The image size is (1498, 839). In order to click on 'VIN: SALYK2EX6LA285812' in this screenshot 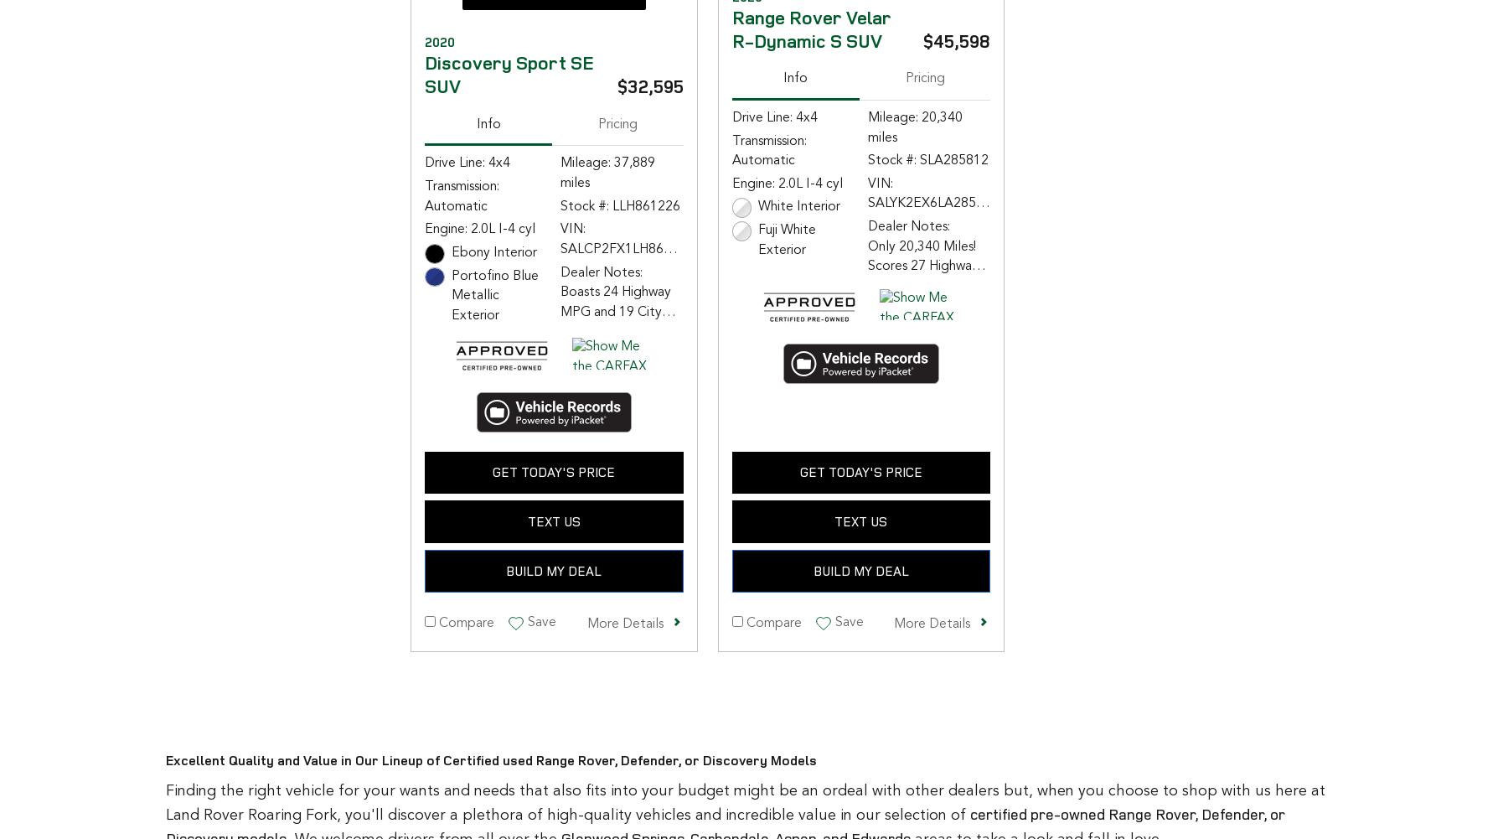, I will do `click(932, 193)`.